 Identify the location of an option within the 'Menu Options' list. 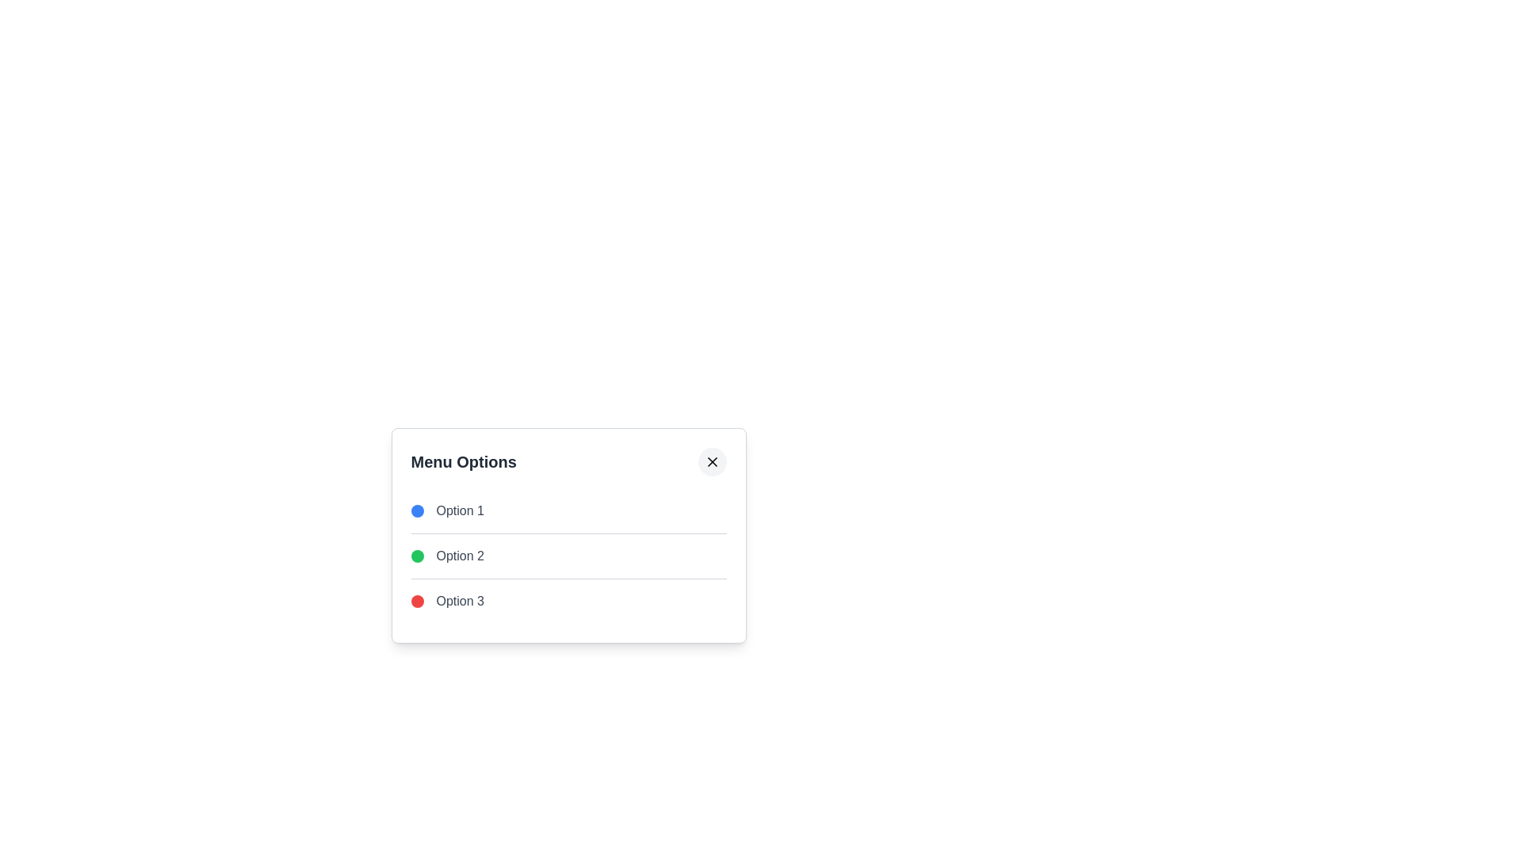
(568, 556).